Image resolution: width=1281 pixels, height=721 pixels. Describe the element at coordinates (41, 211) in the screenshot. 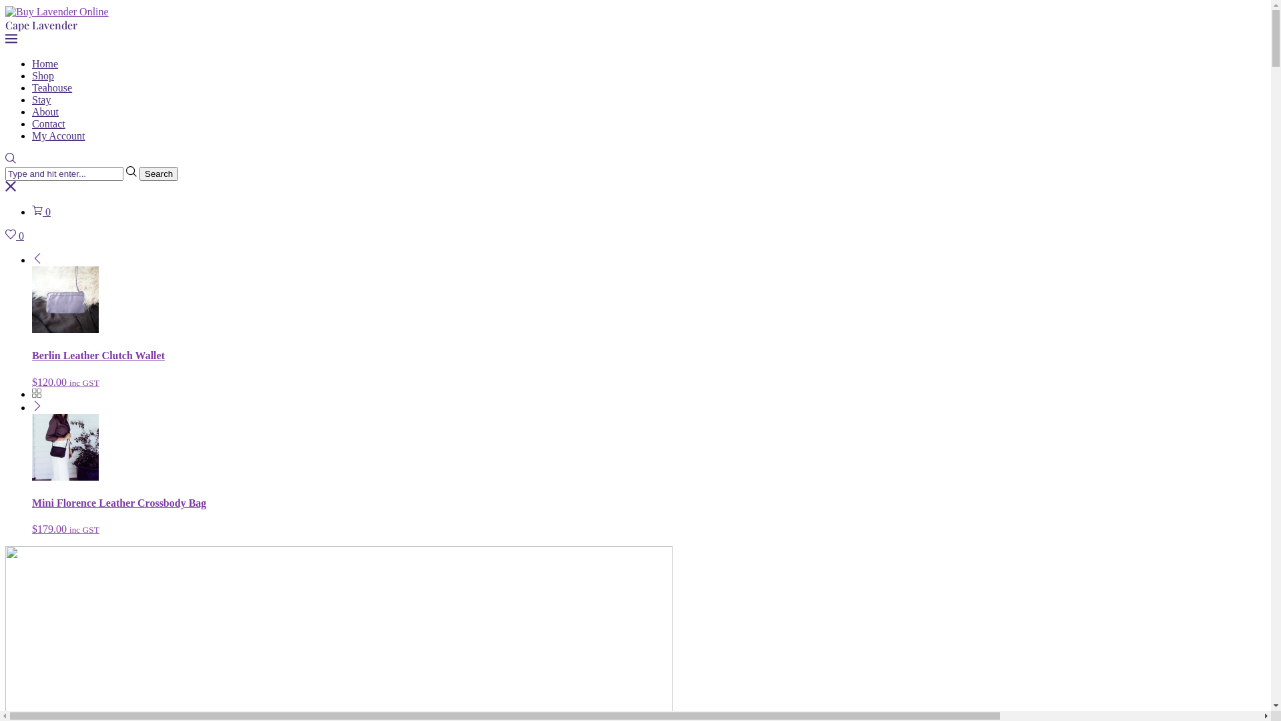

I see `'0'` at that location.